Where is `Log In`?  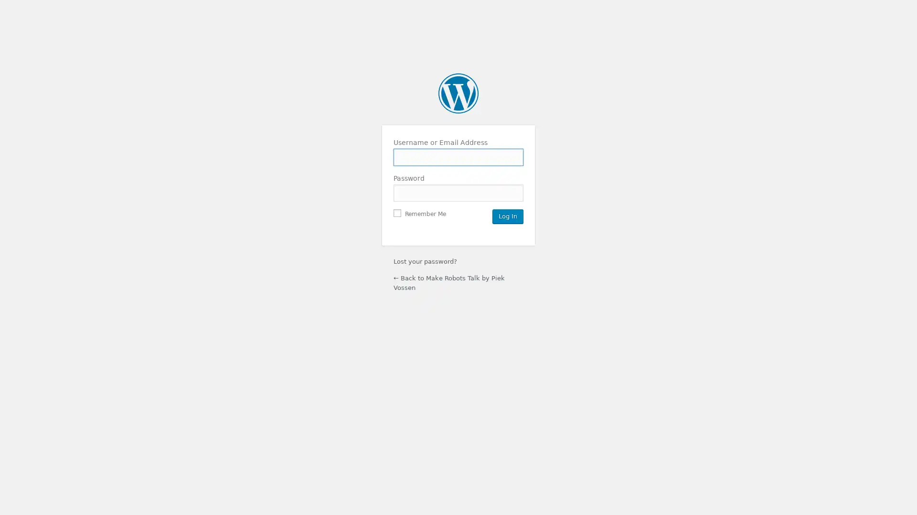
Log In is located at coordinates (507, 216).